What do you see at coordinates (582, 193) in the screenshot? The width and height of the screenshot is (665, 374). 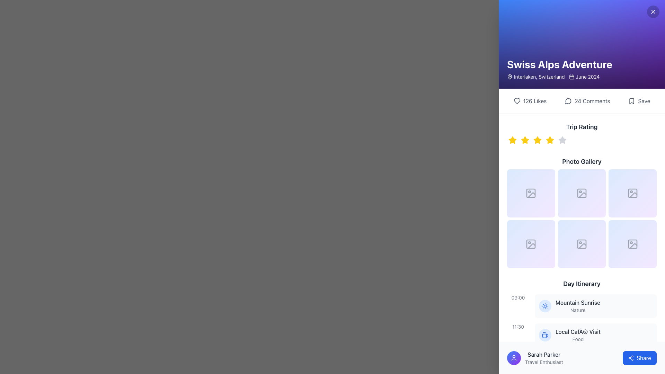 I see `the square image placeholder icon with a gradient background and a gray generic image symbol, located as the second item in the first row of the gallery grid` at bounding box center [582, 193].